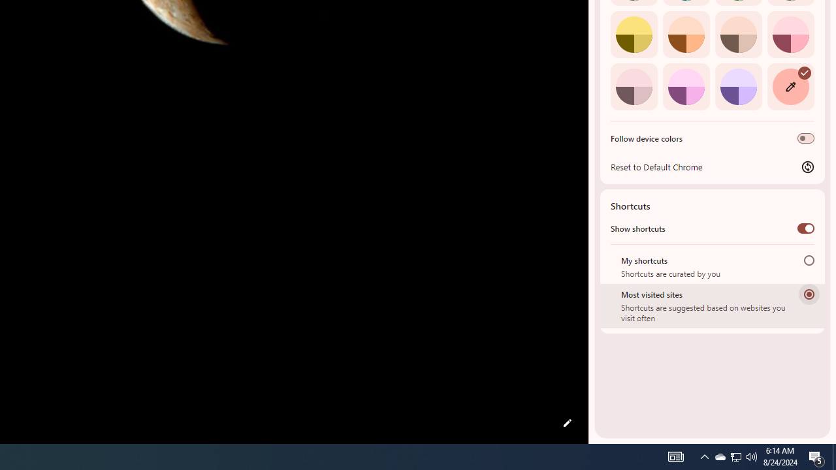 The width and height of the screenshot is (836, 470). Describe the element at coordinates (712, 166) in the screenshot. I see `'Reset to Default Chrome'` at that location.